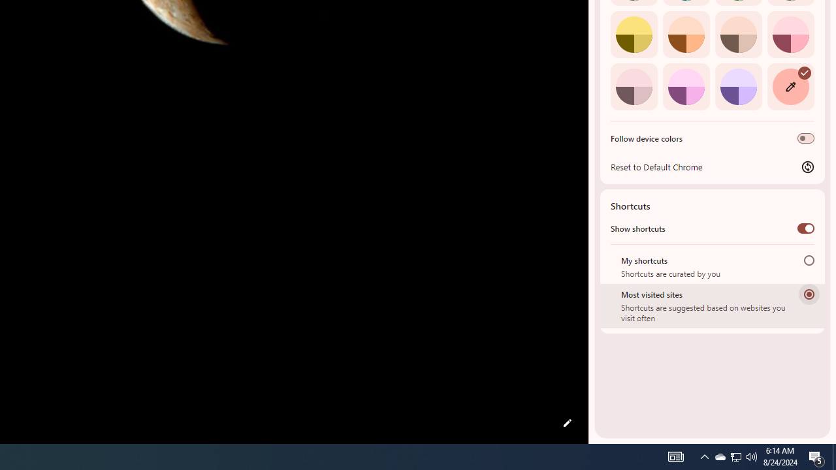 The width and height of the screenshot is (836, 470). Describe the element at coordinates (712, 166) in the screenshot. I see `'Reset to Default Chrome'` at that location.